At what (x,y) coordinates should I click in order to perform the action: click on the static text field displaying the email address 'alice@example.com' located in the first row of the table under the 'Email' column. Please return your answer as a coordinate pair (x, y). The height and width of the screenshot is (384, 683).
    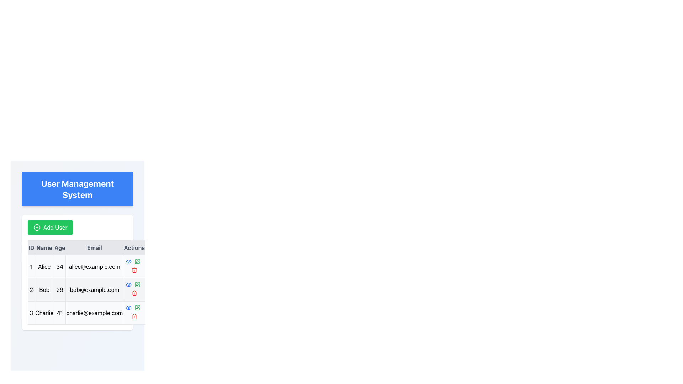
    Looking at the image, I should click on (94, 266).